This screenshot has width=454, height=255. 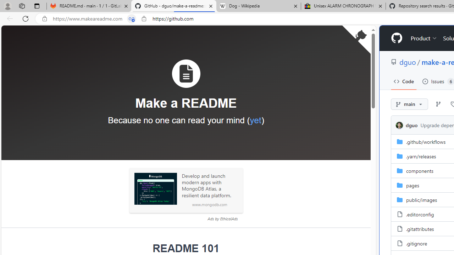 What do you see at coordinates (424, 38) in the screenshot?
I see `'Product'` at bounding box center [424, 38].